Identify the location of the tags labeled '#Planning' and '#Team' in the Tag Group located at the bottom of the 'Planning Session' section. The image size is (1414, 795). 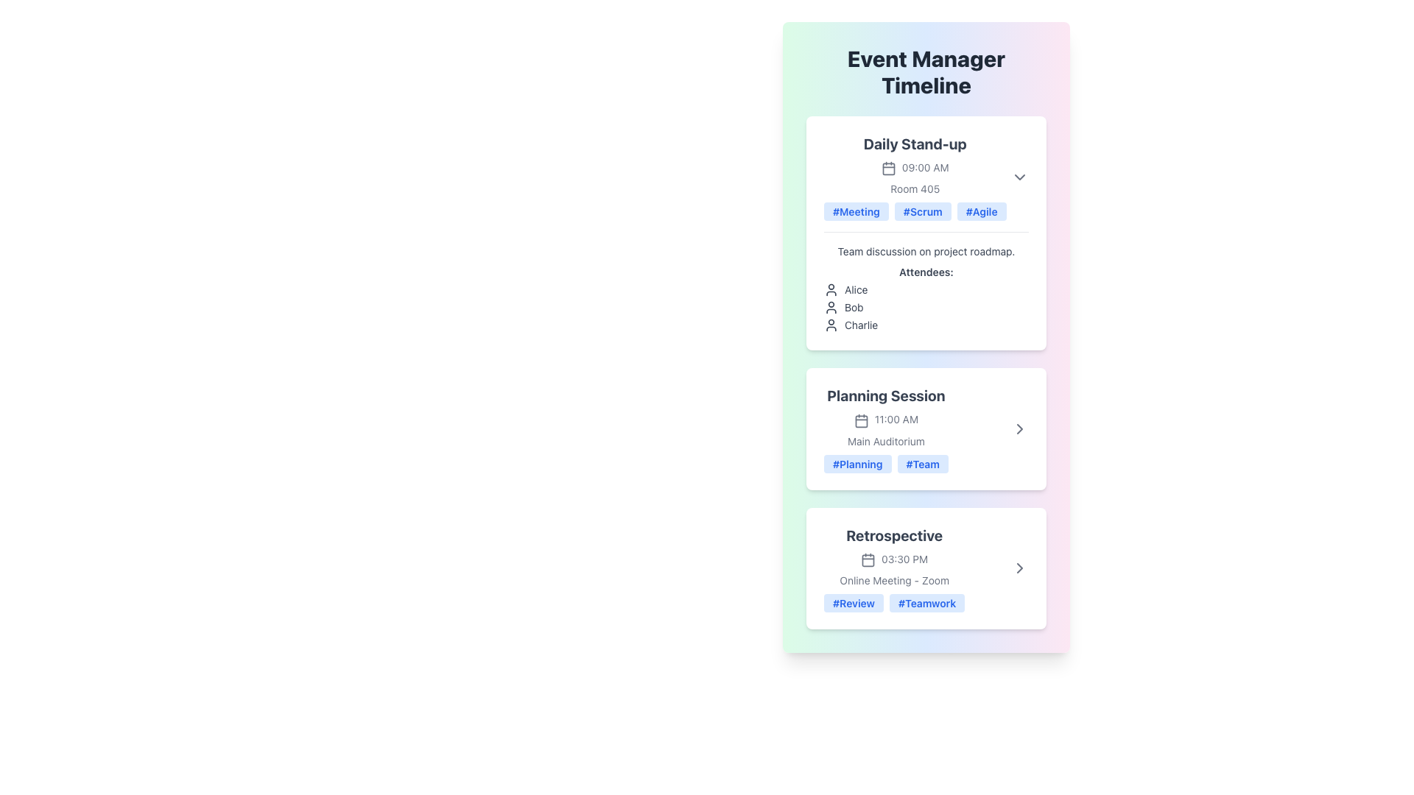
(885, 462).